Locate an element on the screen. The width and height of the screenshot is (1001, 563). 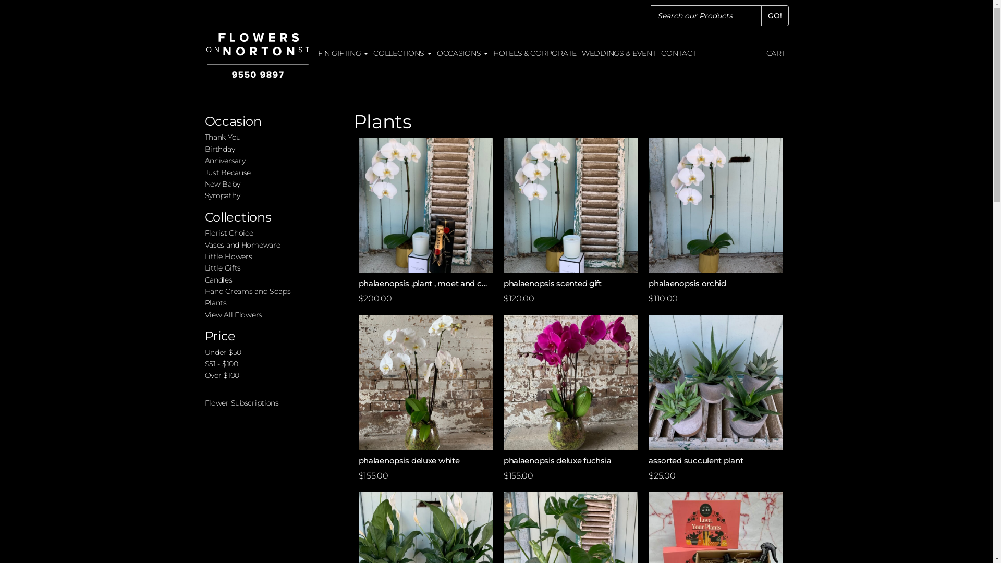
'CART' is located at coordinates (776, 53).